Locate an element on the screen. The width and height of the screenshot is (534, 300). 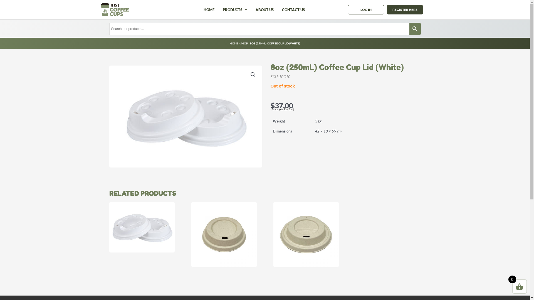
'CONTACT US' is located at coordinates (293, 9).